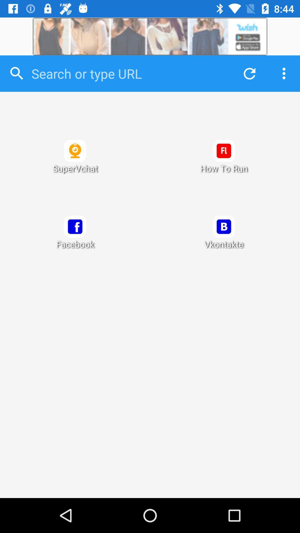  Describe the element at coordinates (150, 295) in the screenshot. I see `entire clickable area` at that location.